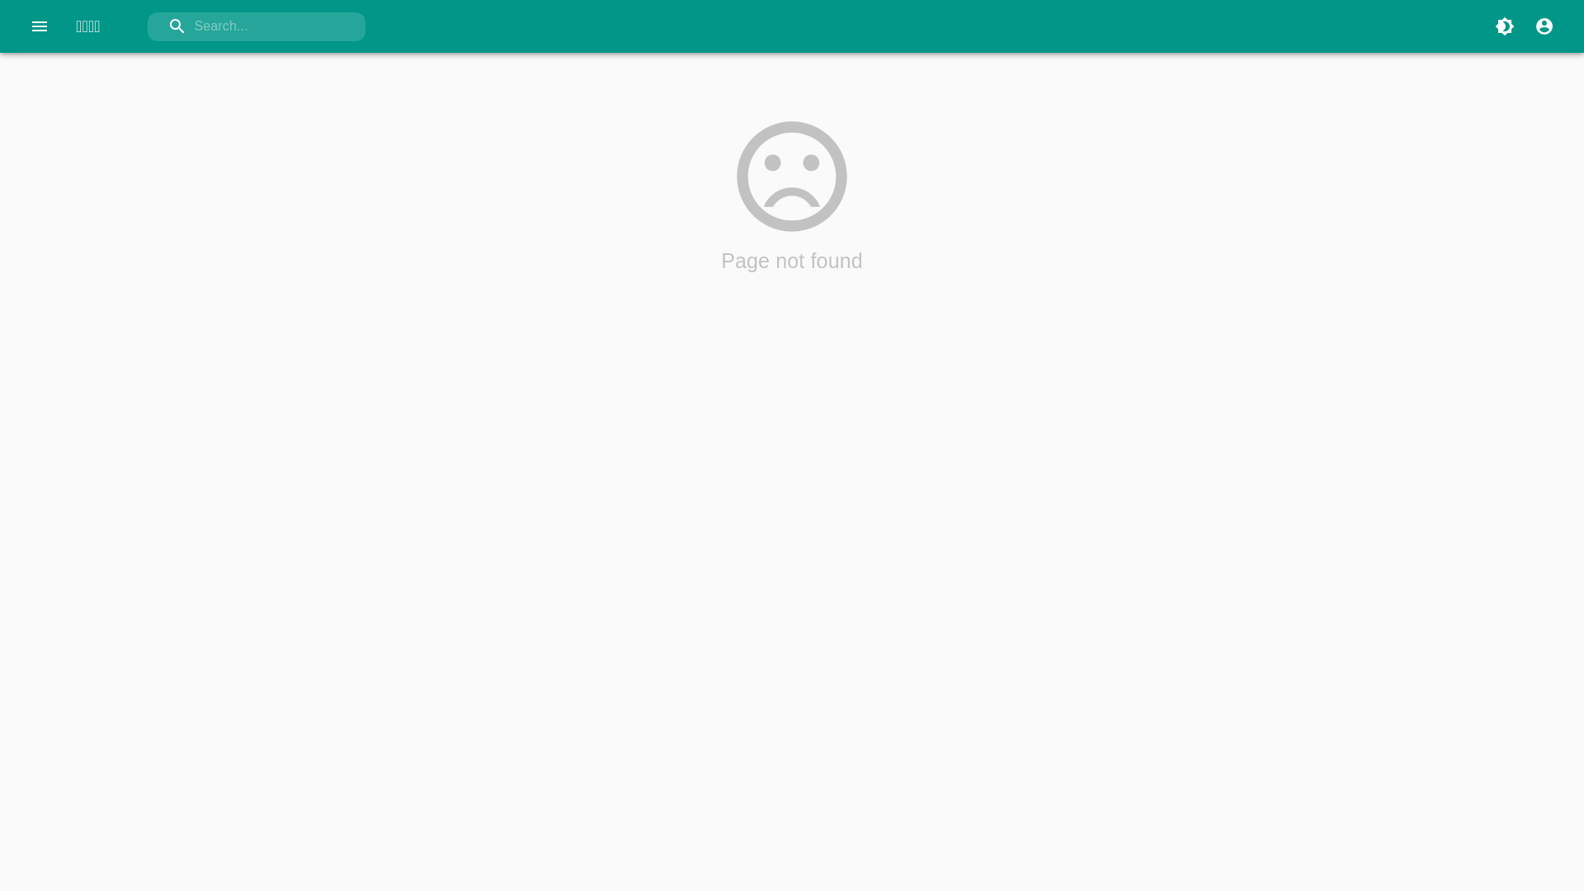 This screenshot has height=891, width=1584. I want to click on 'Switch to dark theme', so click(1485, 26).